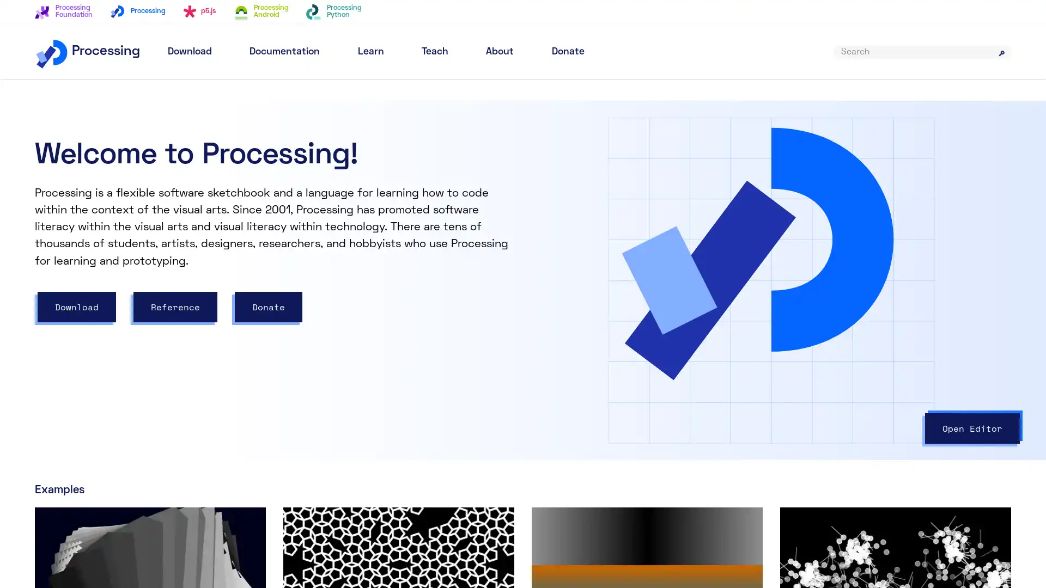 The height and width of the screenshot is (588, 1046). What do you see at coordinates (581, 373) in the screenshot?
I see `change position` at bounding box center [581, 373].